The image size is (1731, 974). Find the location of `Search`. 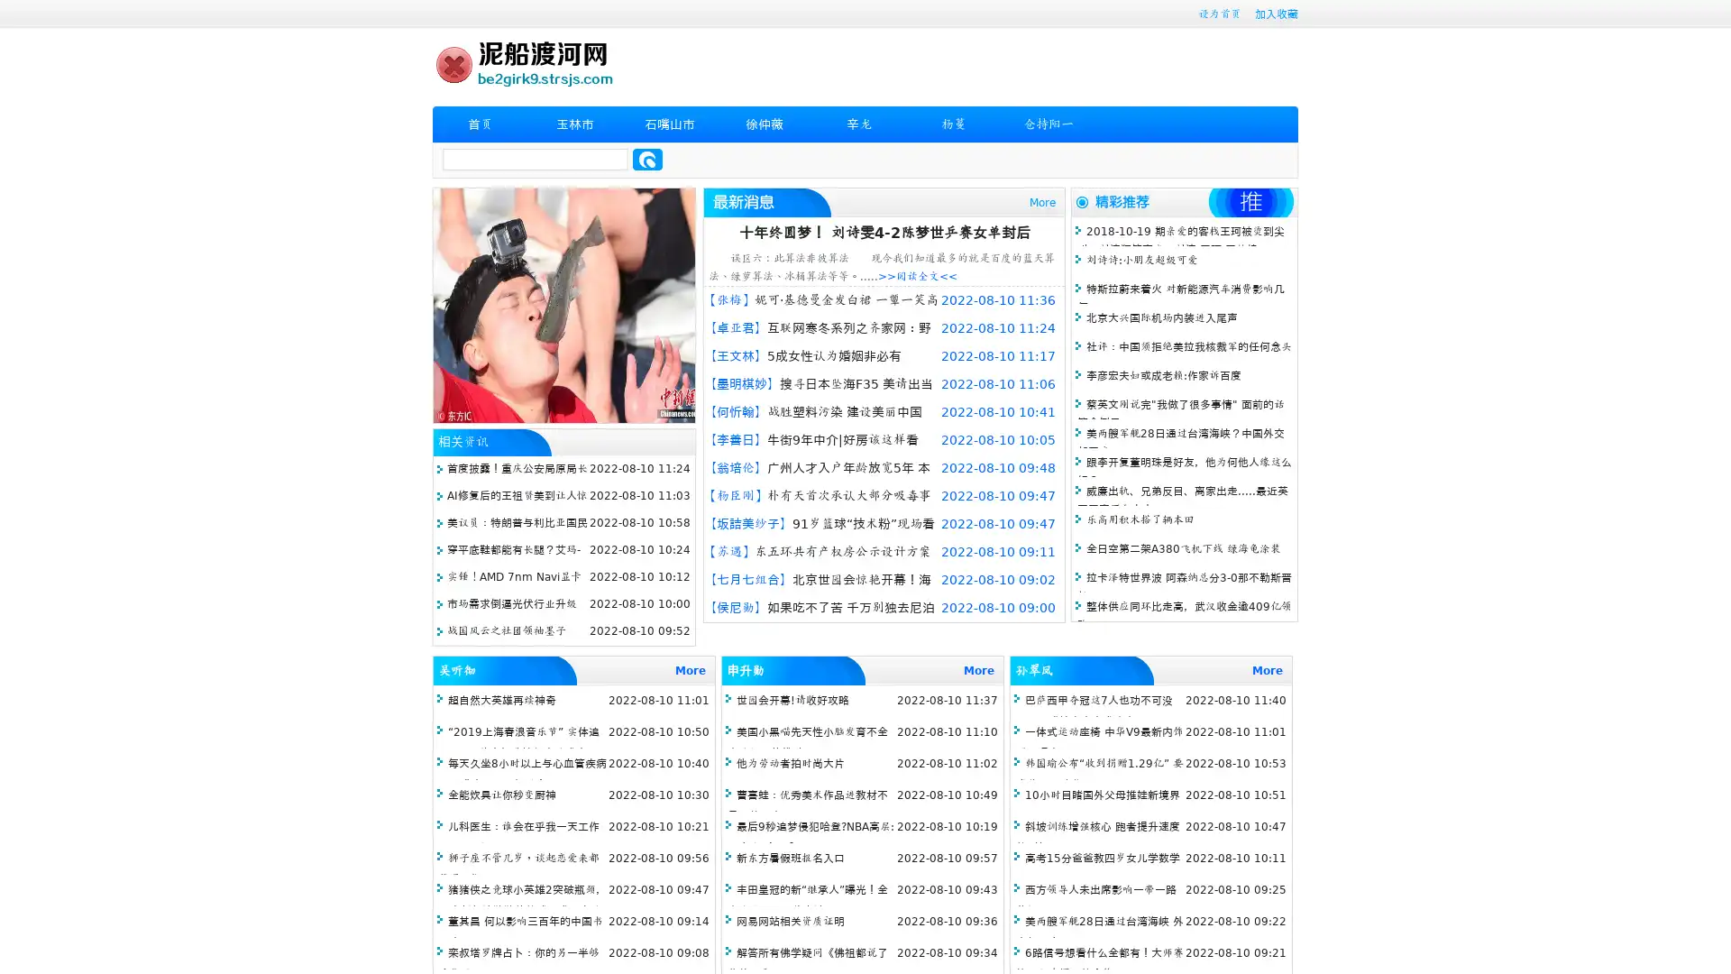

Search is located at coordinates (647, 159).